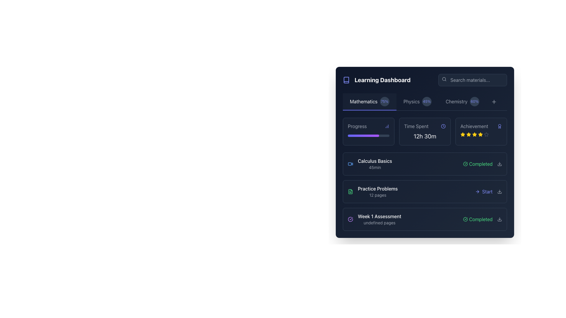 This screenshot has height=318, width=566. I want to click on the Course Section Item titled 'Practice Problems' with the subtitle '12 pages' and a green document icon, located in the middle section of the dashboard interface, so click(372, 192).